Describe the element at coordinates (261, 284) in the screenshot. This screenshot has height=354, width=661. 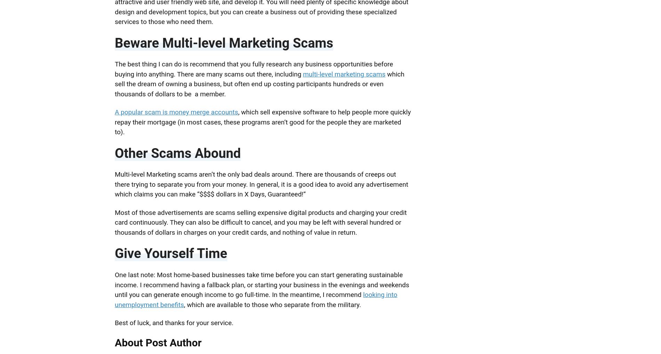
I see `'One last note: Most home-based businesses take time before you can start generating sustainable income. I recommend having a fallback plan, or starting your business in the evenings and weekends until you can generate enough income to go full-time. In the meantime, I recommend'` at that location.